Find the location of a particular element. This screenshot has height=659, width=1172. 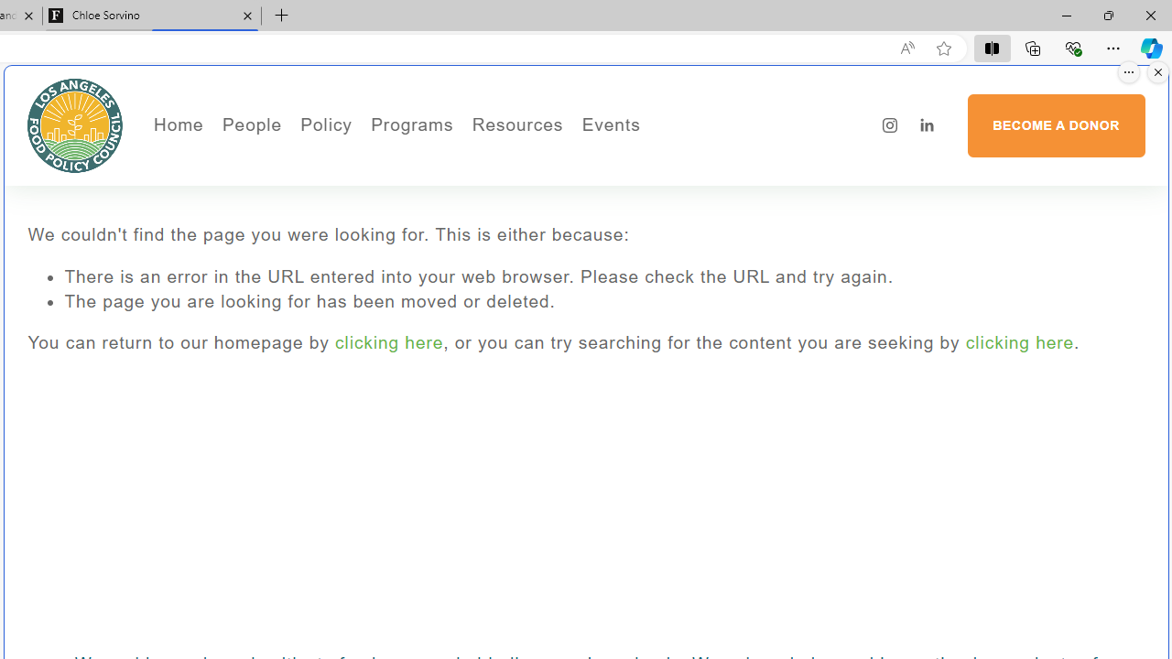

'More options.' is located at coordinates (1128, 71).